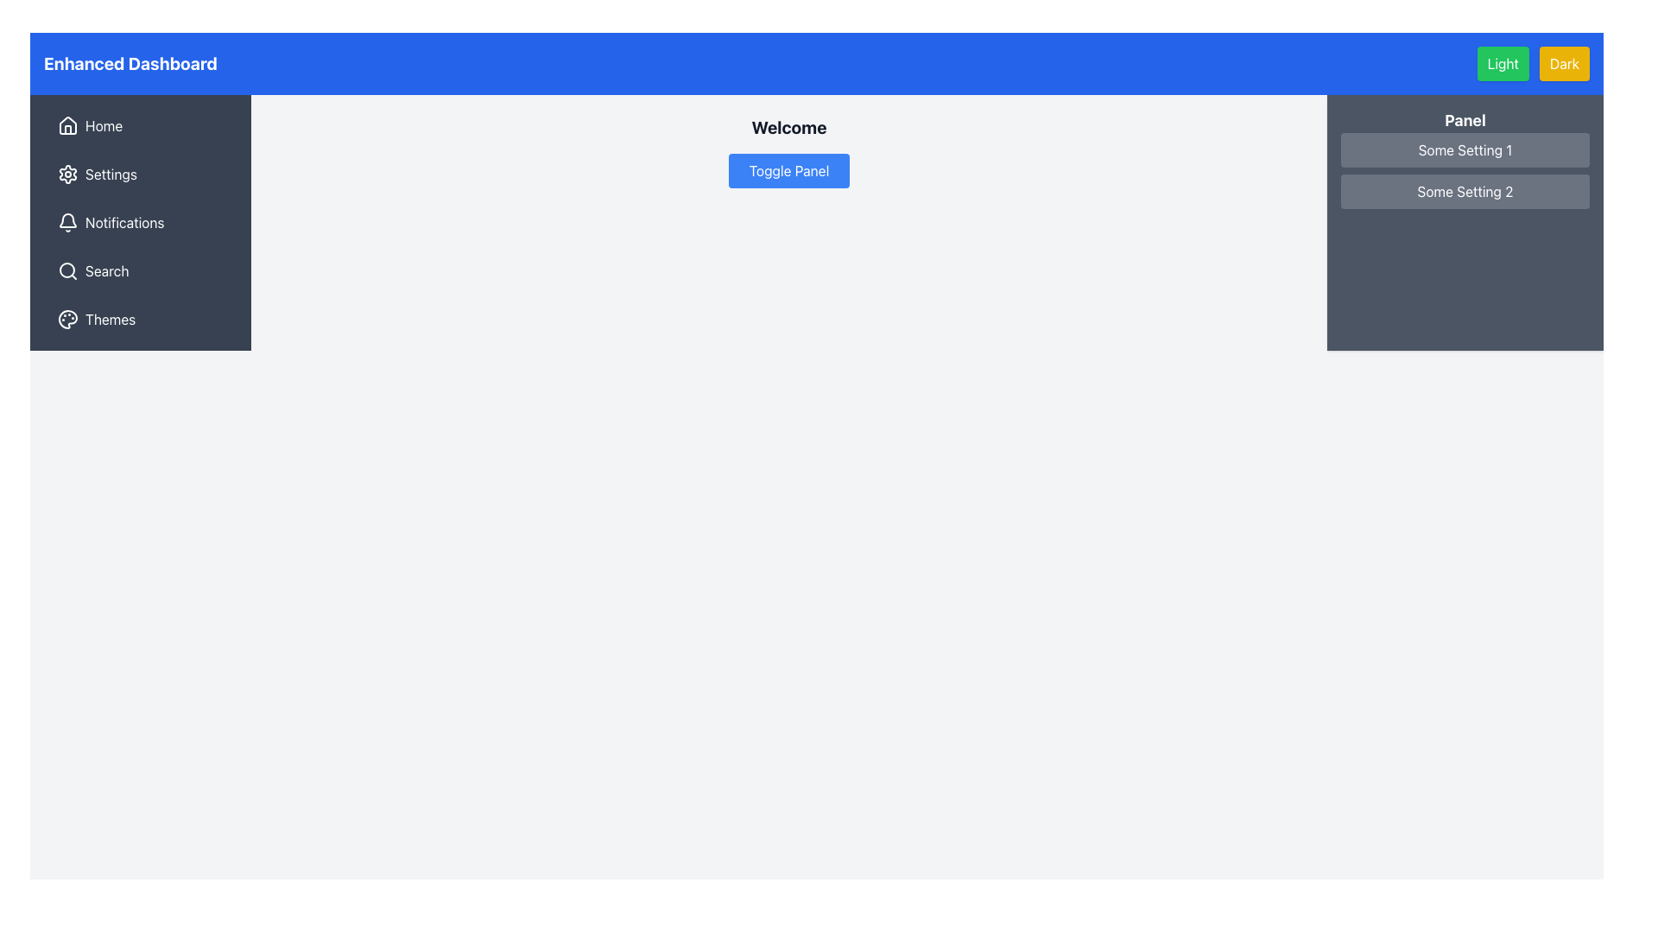  I want to click on the 'Notifications' text label located in the sidebar menu, which is the fourth item and is styled with a sans-serif font on a dark background, so click(123, 222).